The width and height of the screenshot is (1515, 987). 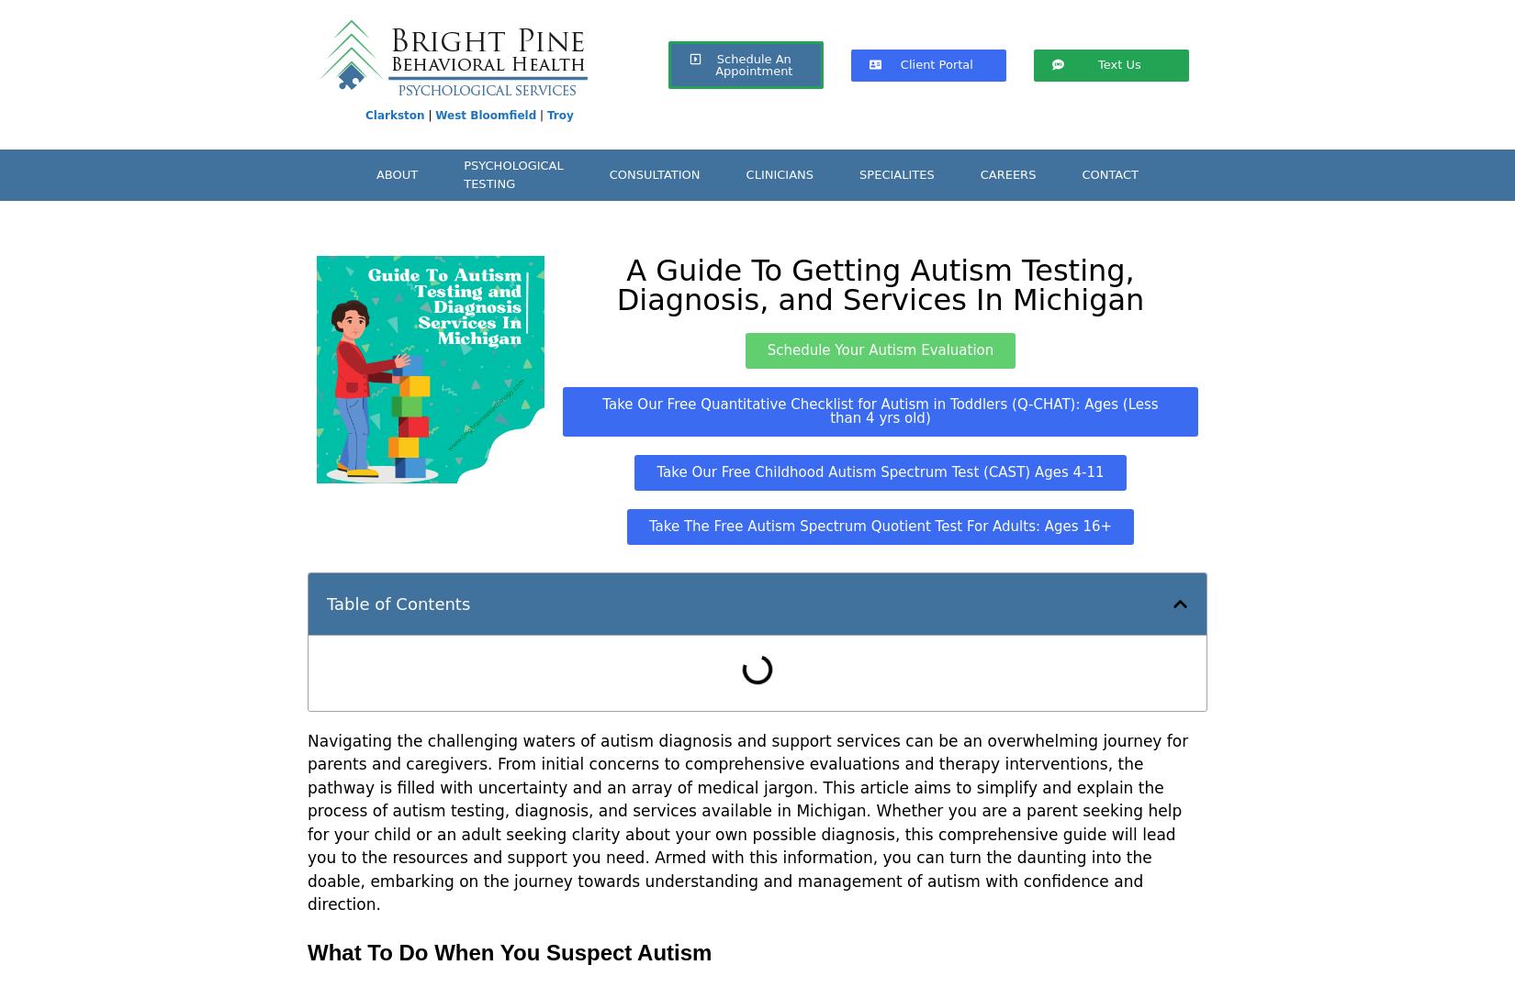 I want to click on 'CAREERS', so click(x=980, y=173).